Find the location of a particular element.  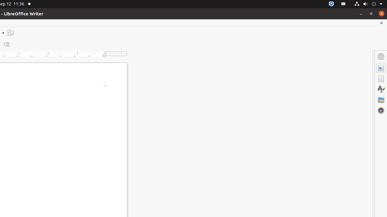

'Navigator' is located at coordinates (381, 110).